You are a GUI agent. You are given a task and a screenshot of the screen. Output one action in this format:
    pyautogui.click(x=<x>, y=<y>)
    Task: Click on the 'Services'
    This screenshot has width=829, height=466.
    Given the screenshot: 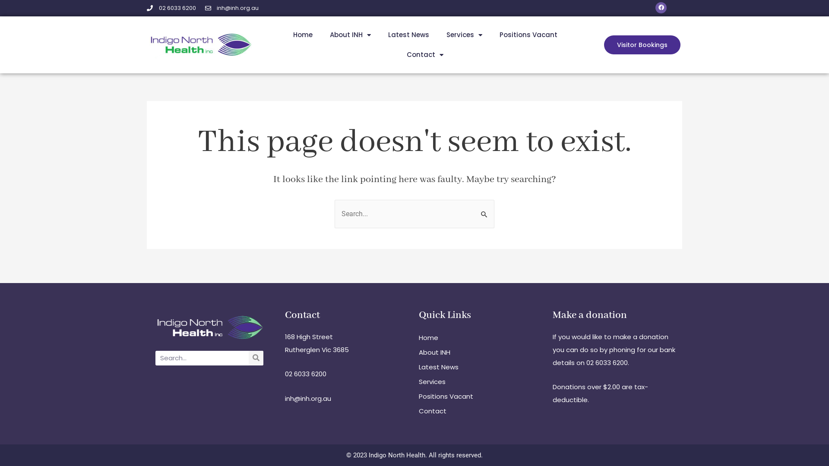 What is the action you would take?
    pyautogui.click(x=464, y=35)
    